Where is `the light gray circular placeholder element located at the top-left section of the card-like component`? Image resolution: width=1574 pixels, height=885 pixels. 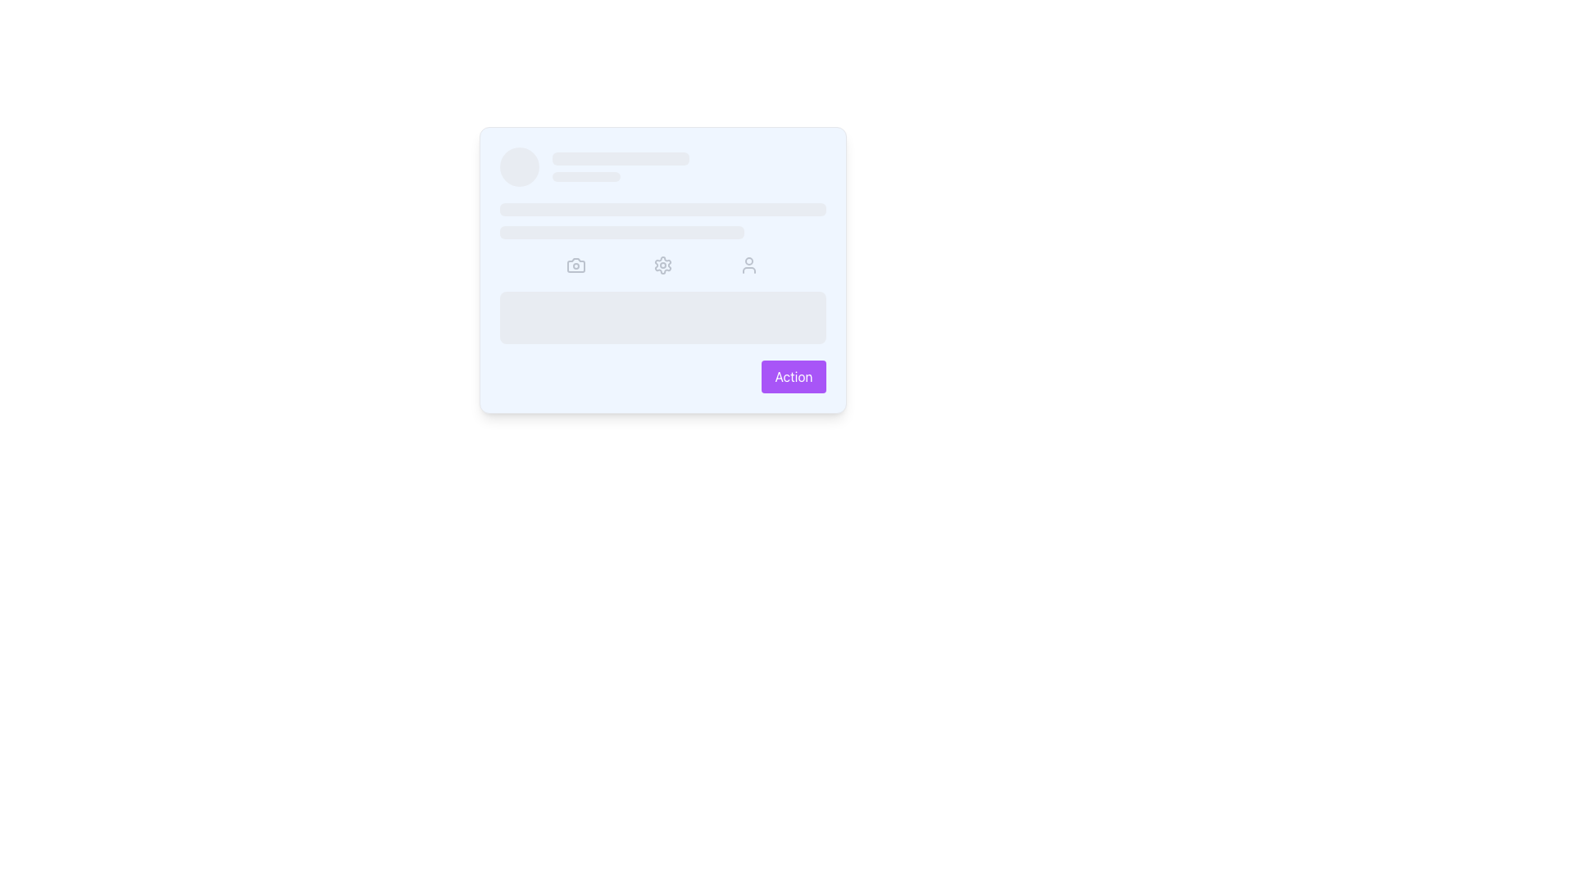
the light gray circular placeholder element located at the top-left section of the card-like component is located at coordinates (518, 167).